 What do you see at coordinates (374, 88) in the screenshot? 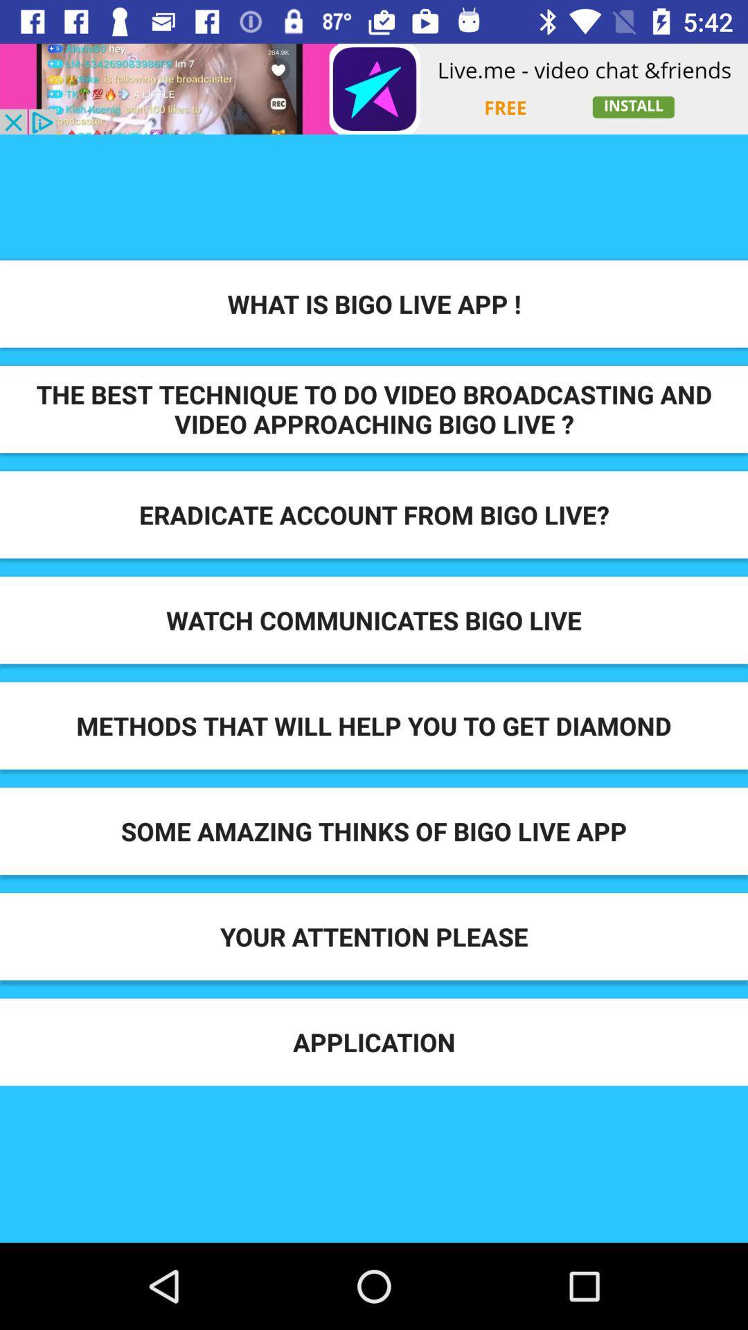
I see `advertisement clicking option` at bounding box center [374, 88].